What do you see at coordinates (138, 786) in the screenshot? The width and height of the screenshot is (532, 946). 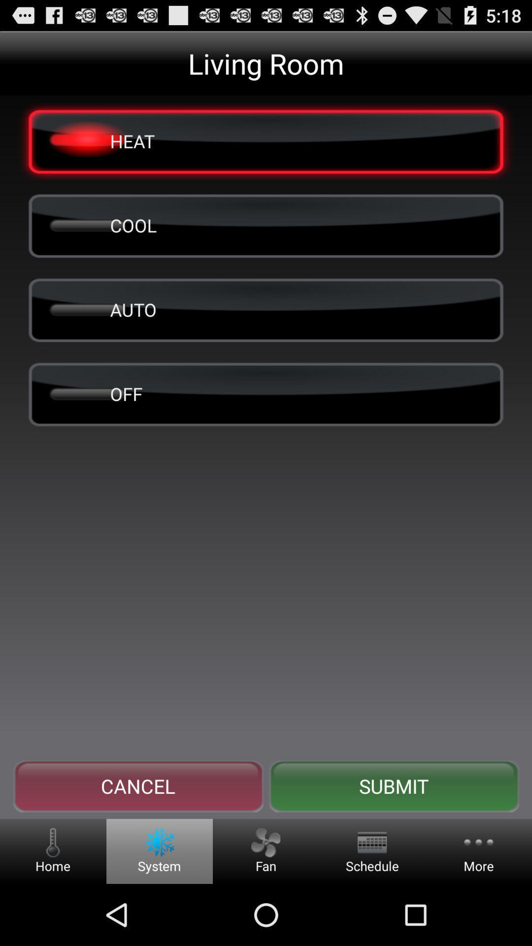 I see `cancel icon` at bounding box center [138, 786].